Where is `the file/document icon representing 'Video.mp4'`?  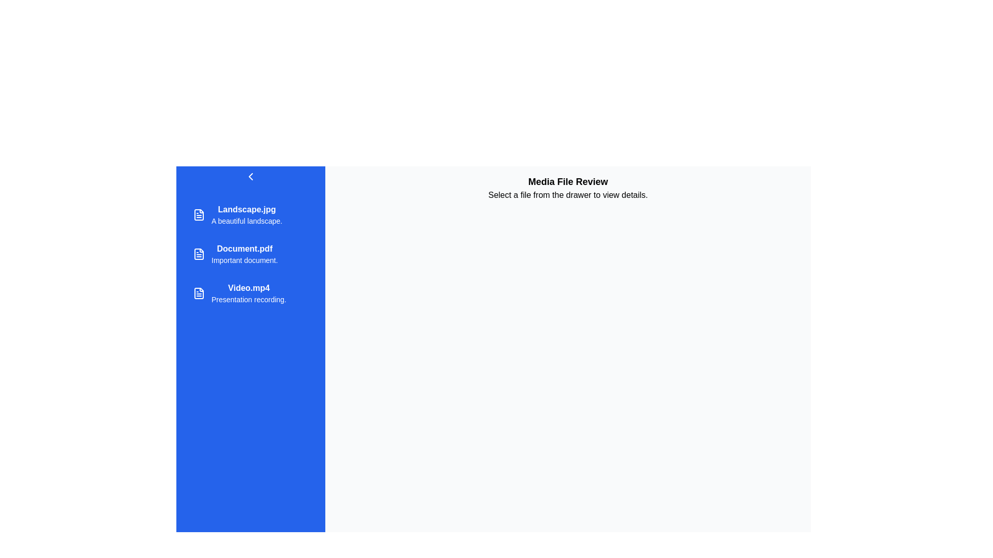 the file/document icon representing 'Video.mp4' is located at coordinates (199, 293).